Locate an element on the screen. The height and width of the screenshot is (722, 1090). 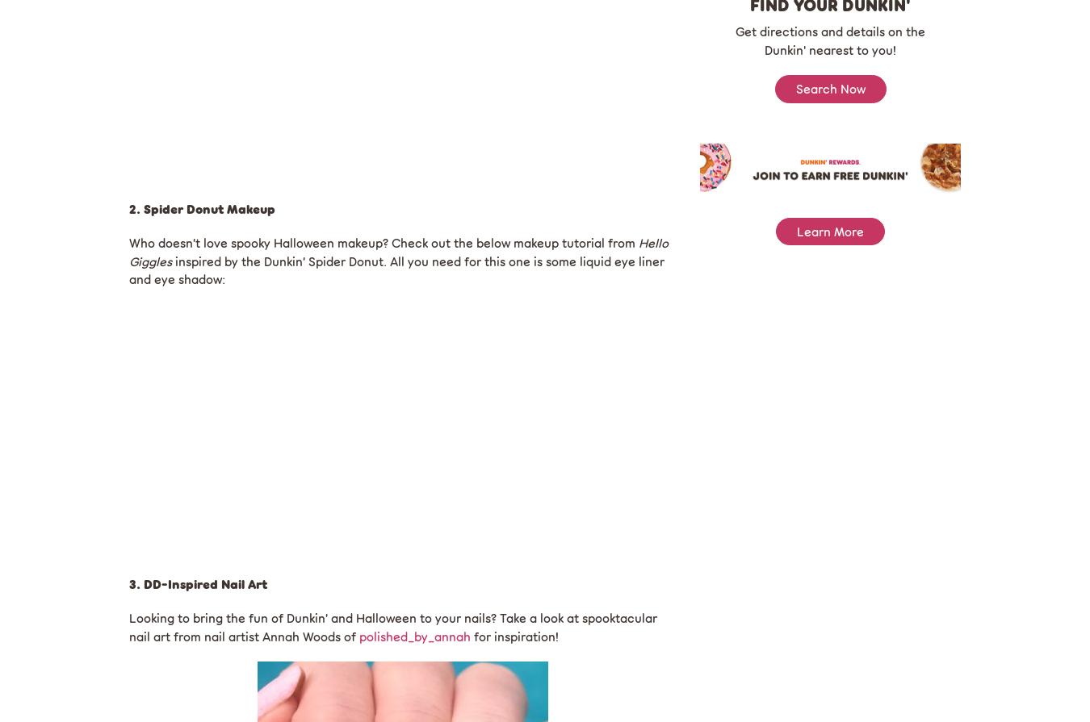
'2. Spider Donut Makeup' is located at coordinates (201, 208).